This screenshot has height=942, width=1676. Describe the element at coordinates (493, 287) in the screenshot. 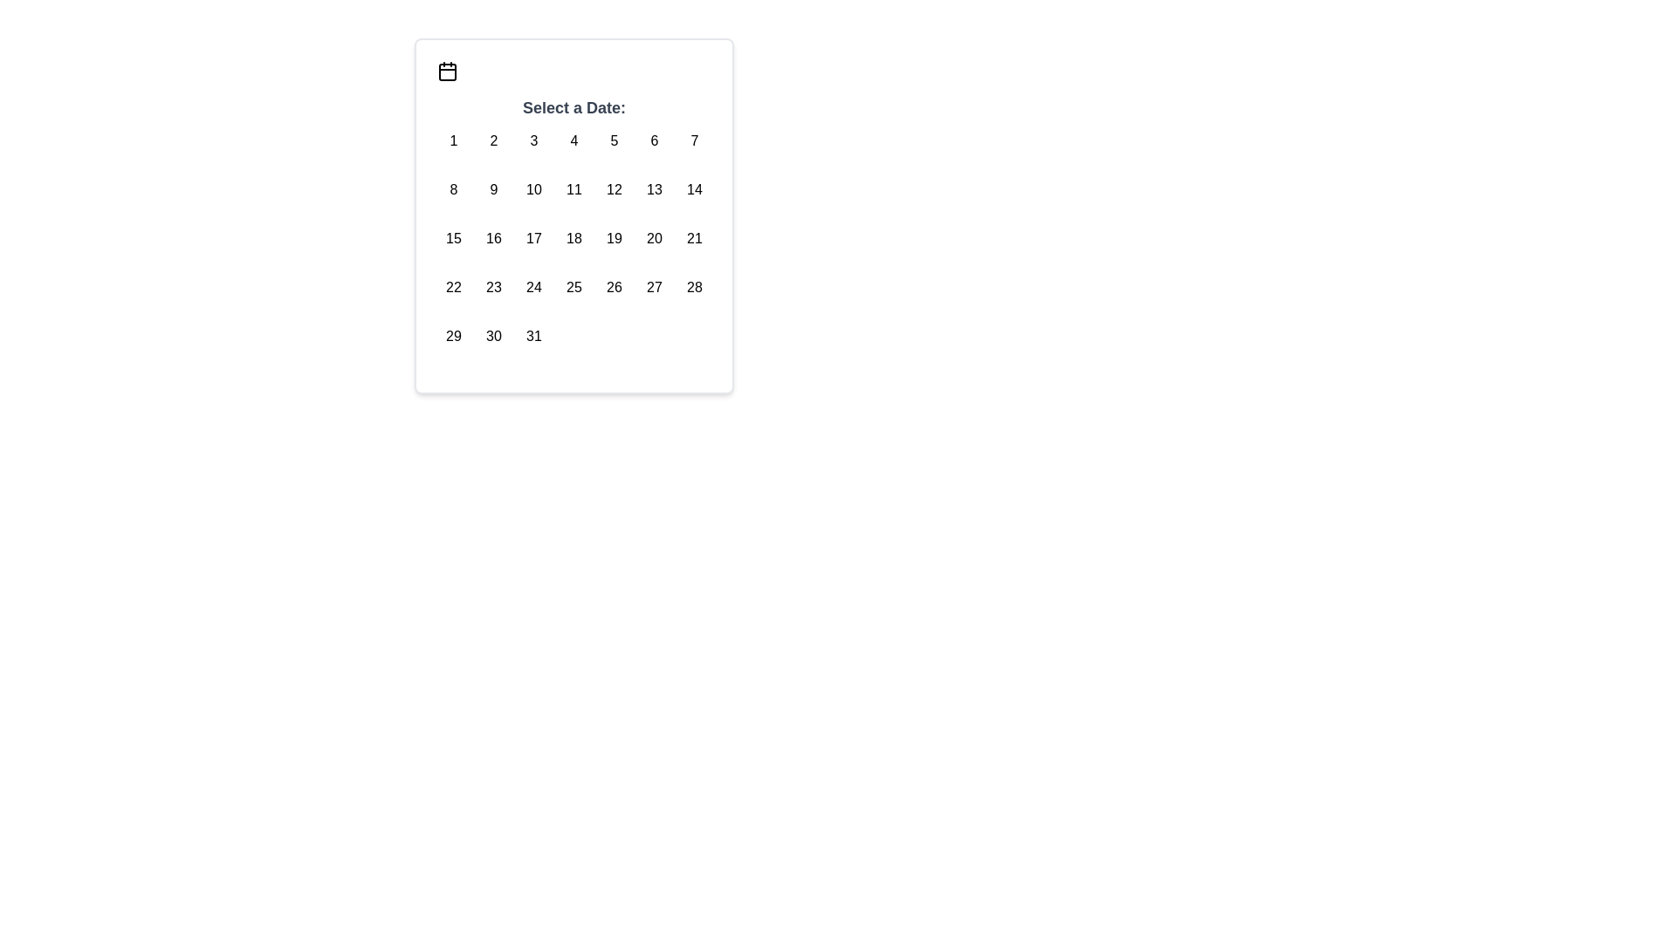

I see `the Calendar day button representing the 23rd cell in the grid` at that location.